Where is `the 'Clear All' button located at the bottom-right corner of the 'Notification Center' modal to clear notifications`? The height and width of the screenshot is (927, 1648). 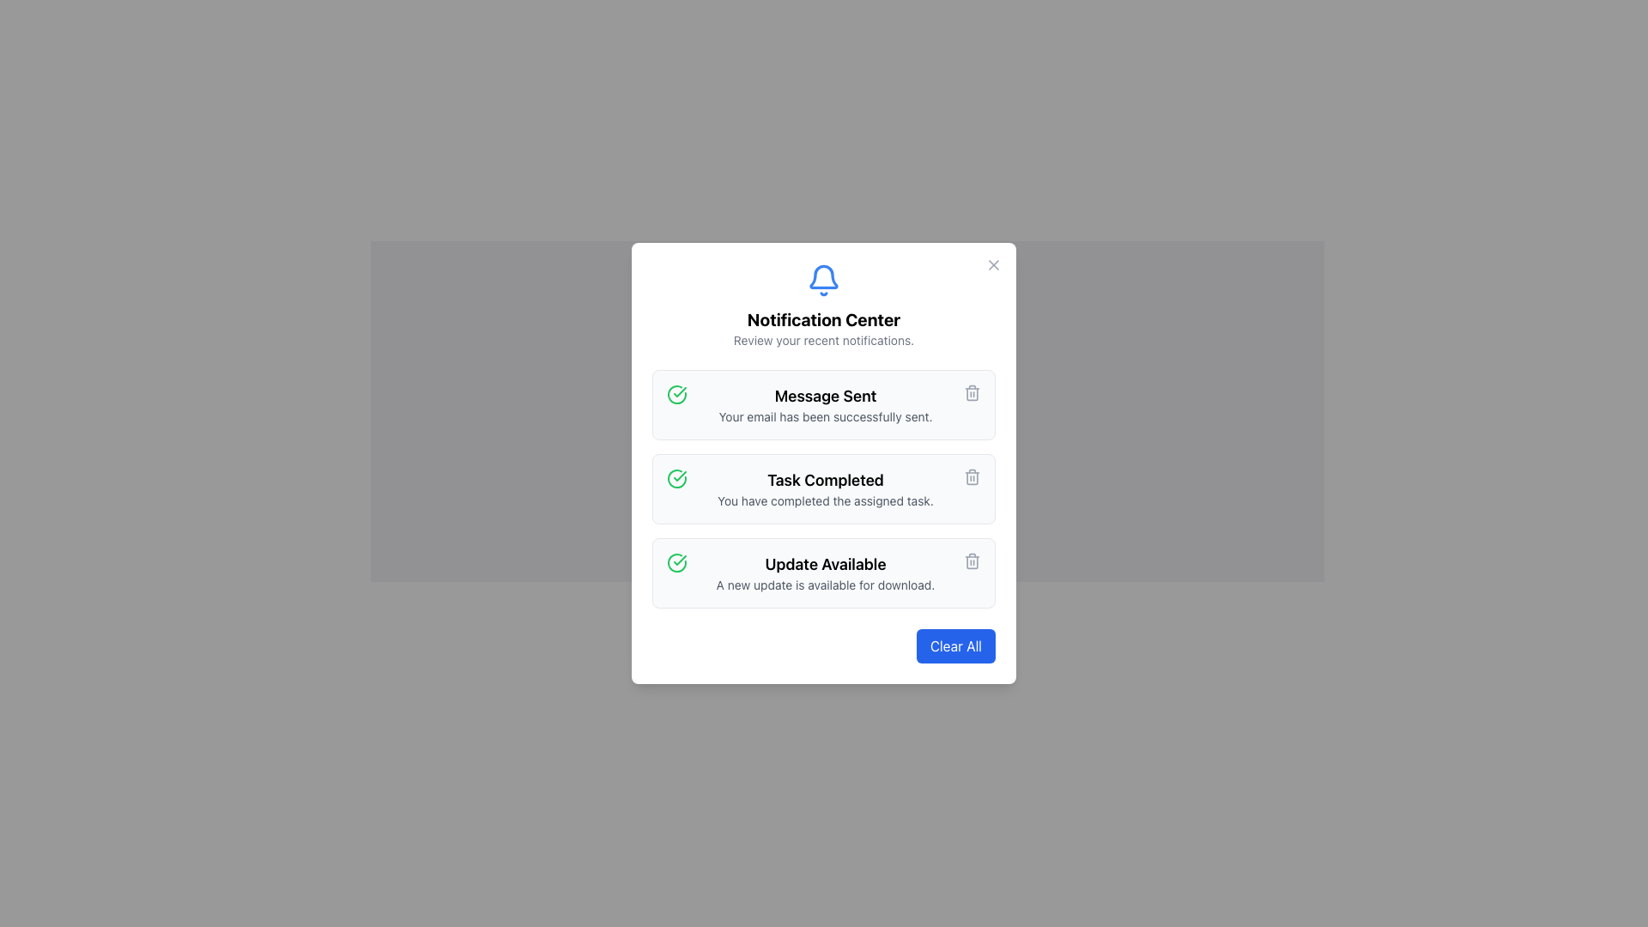 the 'Clear All' button located at the bottom-right corner of the 'Notification Center' modal to clear notifications is located at coordinates (954, 645).